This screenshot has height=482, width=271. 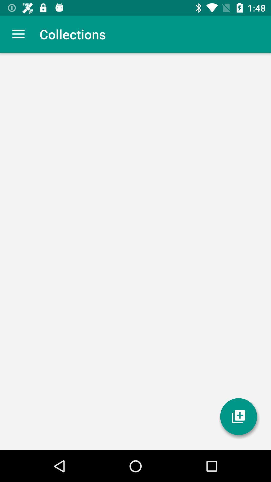 What do you see at coordinates (18, 34) in the screenshot?
I see `the app to the left of the collections icon` at bounding box center [18, 34].